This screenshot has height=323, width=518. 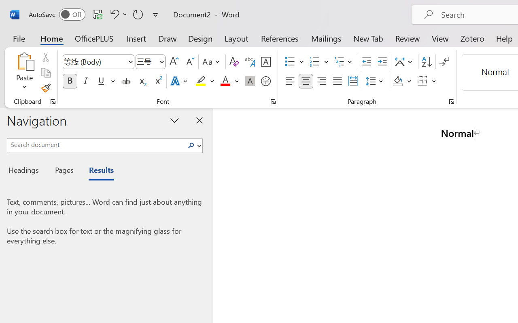 What do you see at coordinates (408, 38) in the screenshot?
I see `'Review'` at bounding box center [408, 38].